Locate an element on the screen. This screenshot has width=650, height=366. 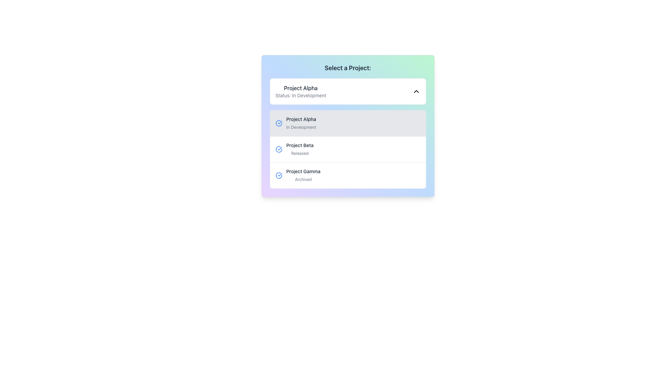
the text label displaying 'Archived' located in the bottom right corner of the project selection list item for 'Project Gamma' is located at coordinates (303, 179).